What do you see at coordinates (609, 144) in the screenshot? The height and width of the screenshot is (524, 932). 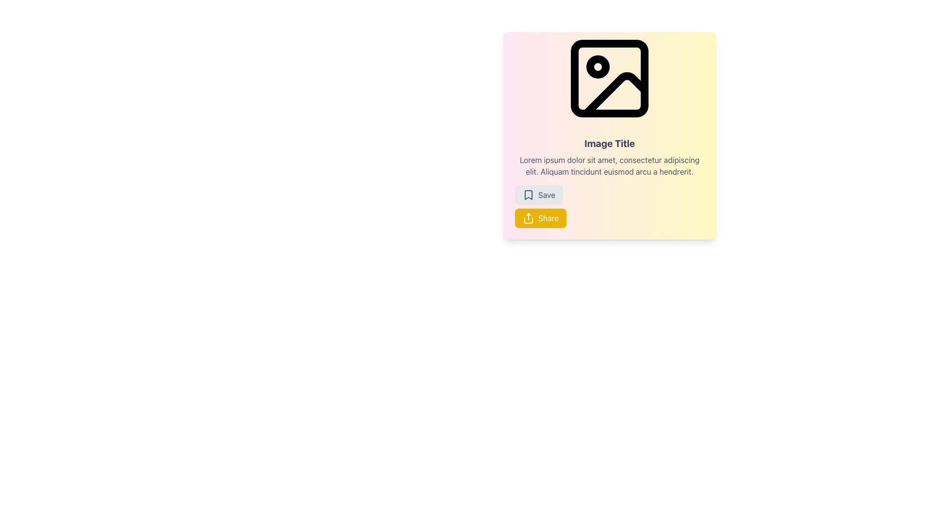 I see `the text label that displays 'Image Title', which is a bold light gray text located directly below an image icon` at bounding box center [609, 144].